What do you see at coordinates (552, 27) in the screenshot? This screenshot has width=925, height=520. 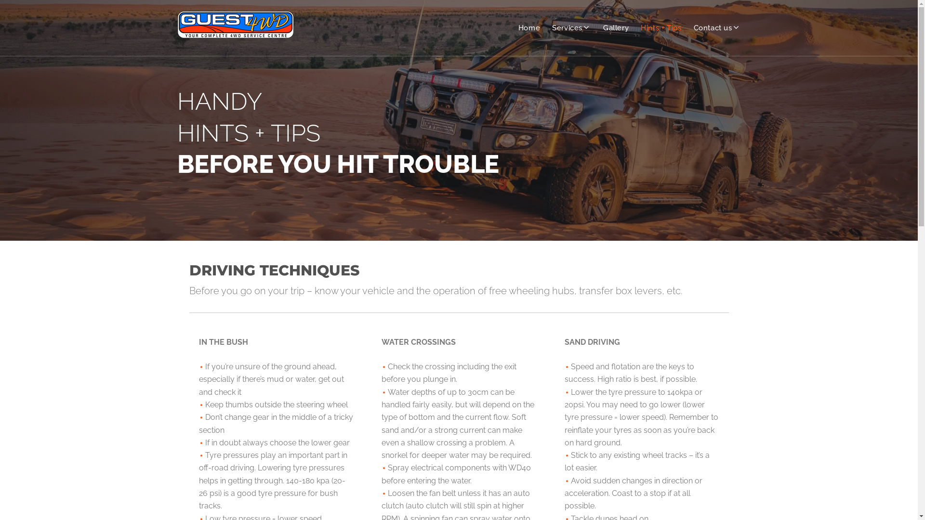 I see `'Services'` at bounding box center [552, 27].